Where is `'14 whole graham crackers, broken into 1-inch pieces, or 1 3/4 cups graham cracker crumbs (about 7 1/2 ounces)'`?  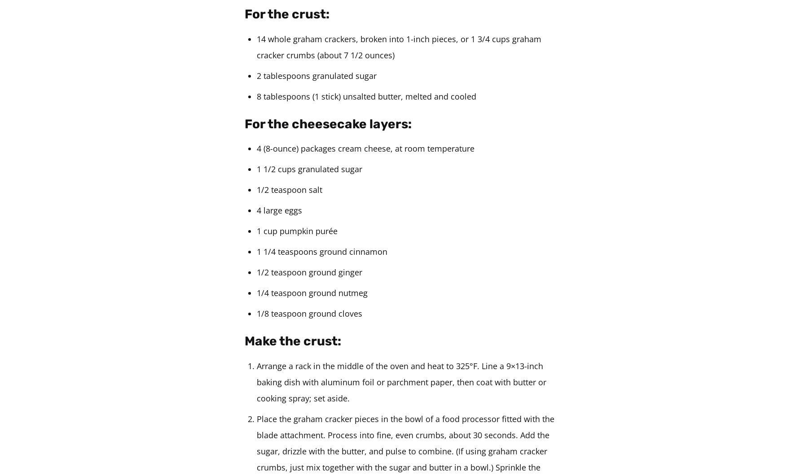
'14 whole graham crackers, broken into 1-inch pieces, or 1 3/4 cups graham cracker crumbs (about 7 1/2 ounces)' is located at coordinates (399, 46).